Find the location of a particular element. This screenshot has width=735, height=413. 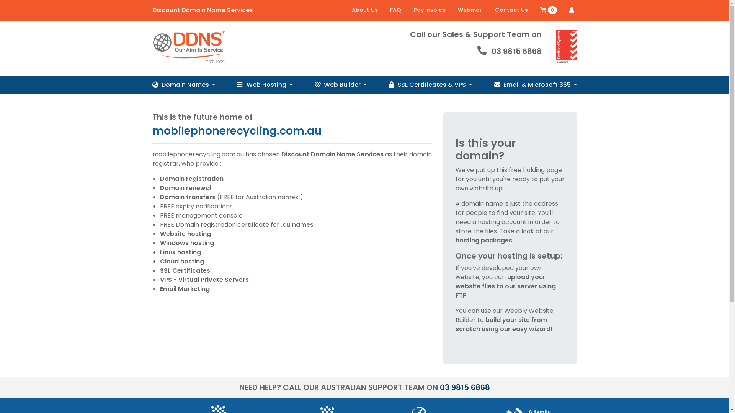

'Email & Microsoft 365' is located at coordinates (535, 85).